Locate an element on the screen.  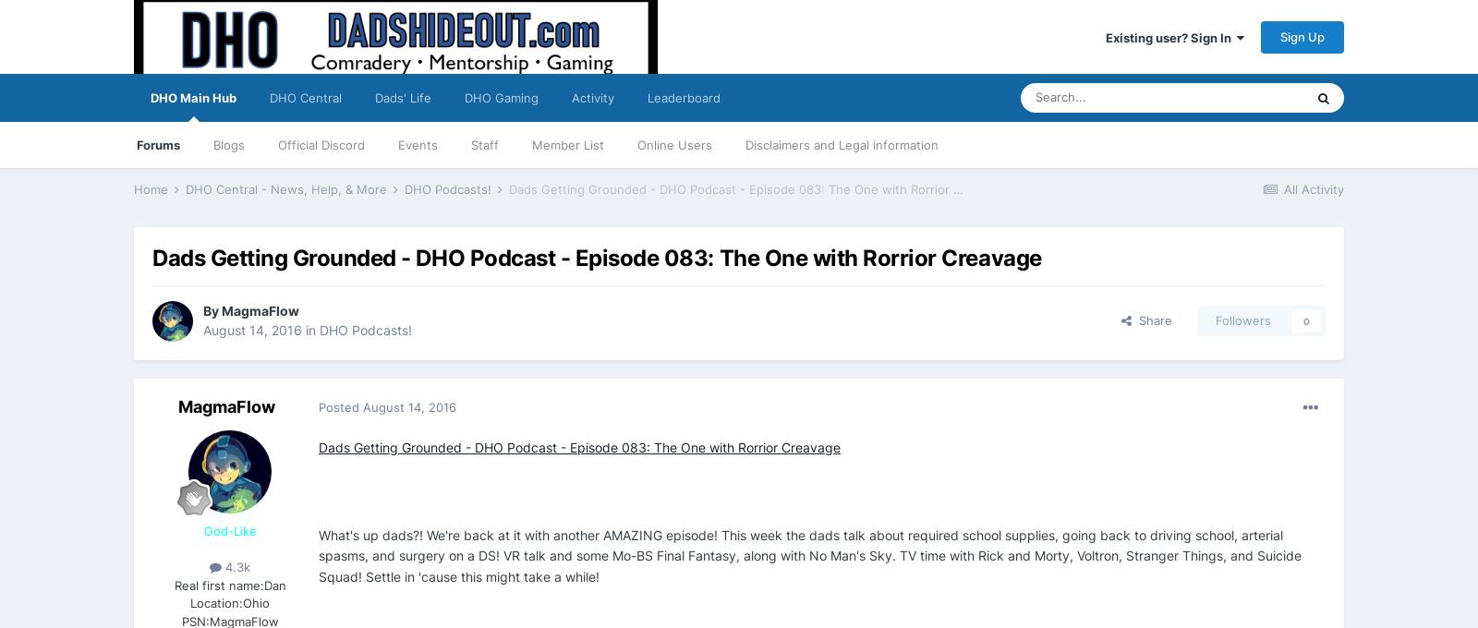
'By' is located at coordinates (212, 309).